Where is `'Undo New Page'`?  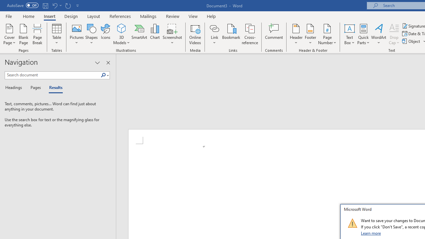 'Undo New Page' is located at coordinates (56, 5).